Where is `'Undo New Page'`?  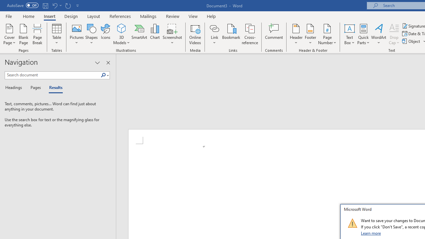 'Undo New Page' is located at coordinates (56, 5).